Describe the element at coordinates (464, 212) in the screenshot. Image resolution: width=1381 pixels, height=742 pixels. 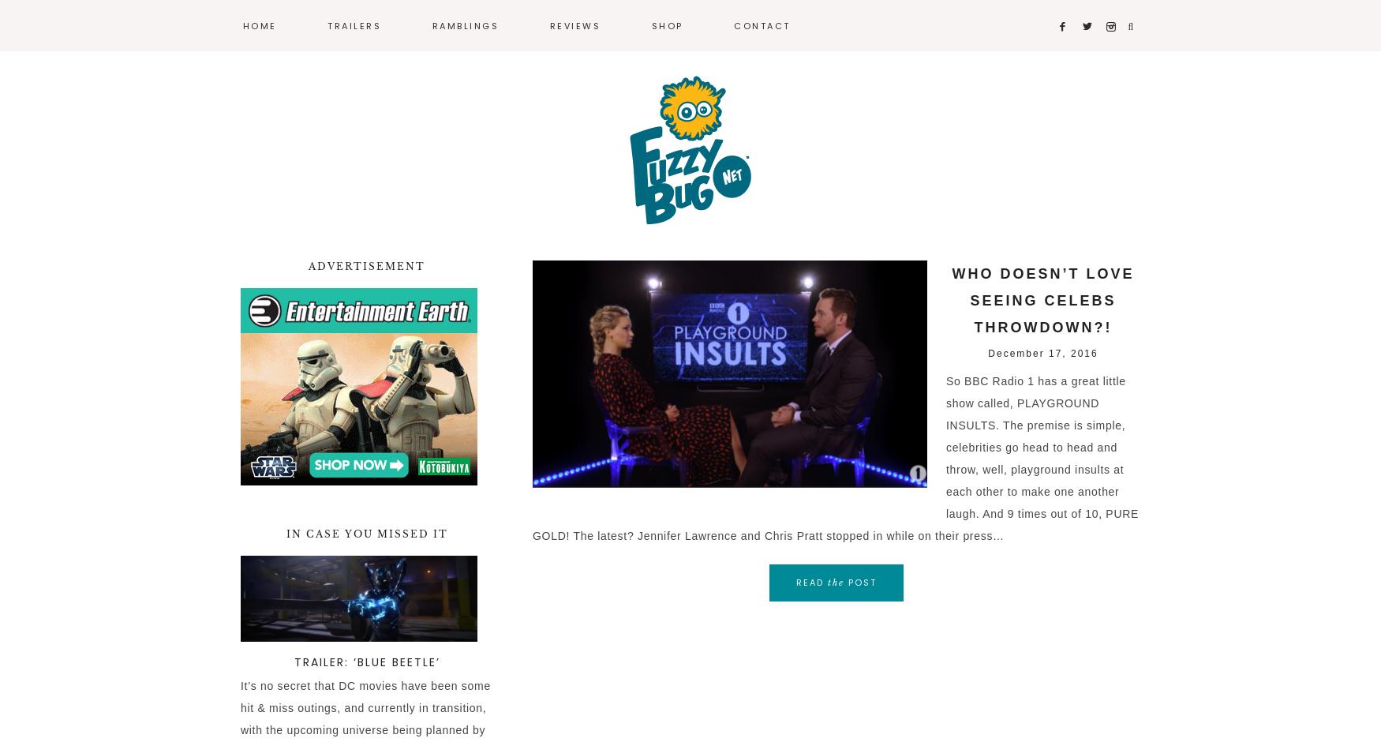
I see `'Video Games'` at that location.